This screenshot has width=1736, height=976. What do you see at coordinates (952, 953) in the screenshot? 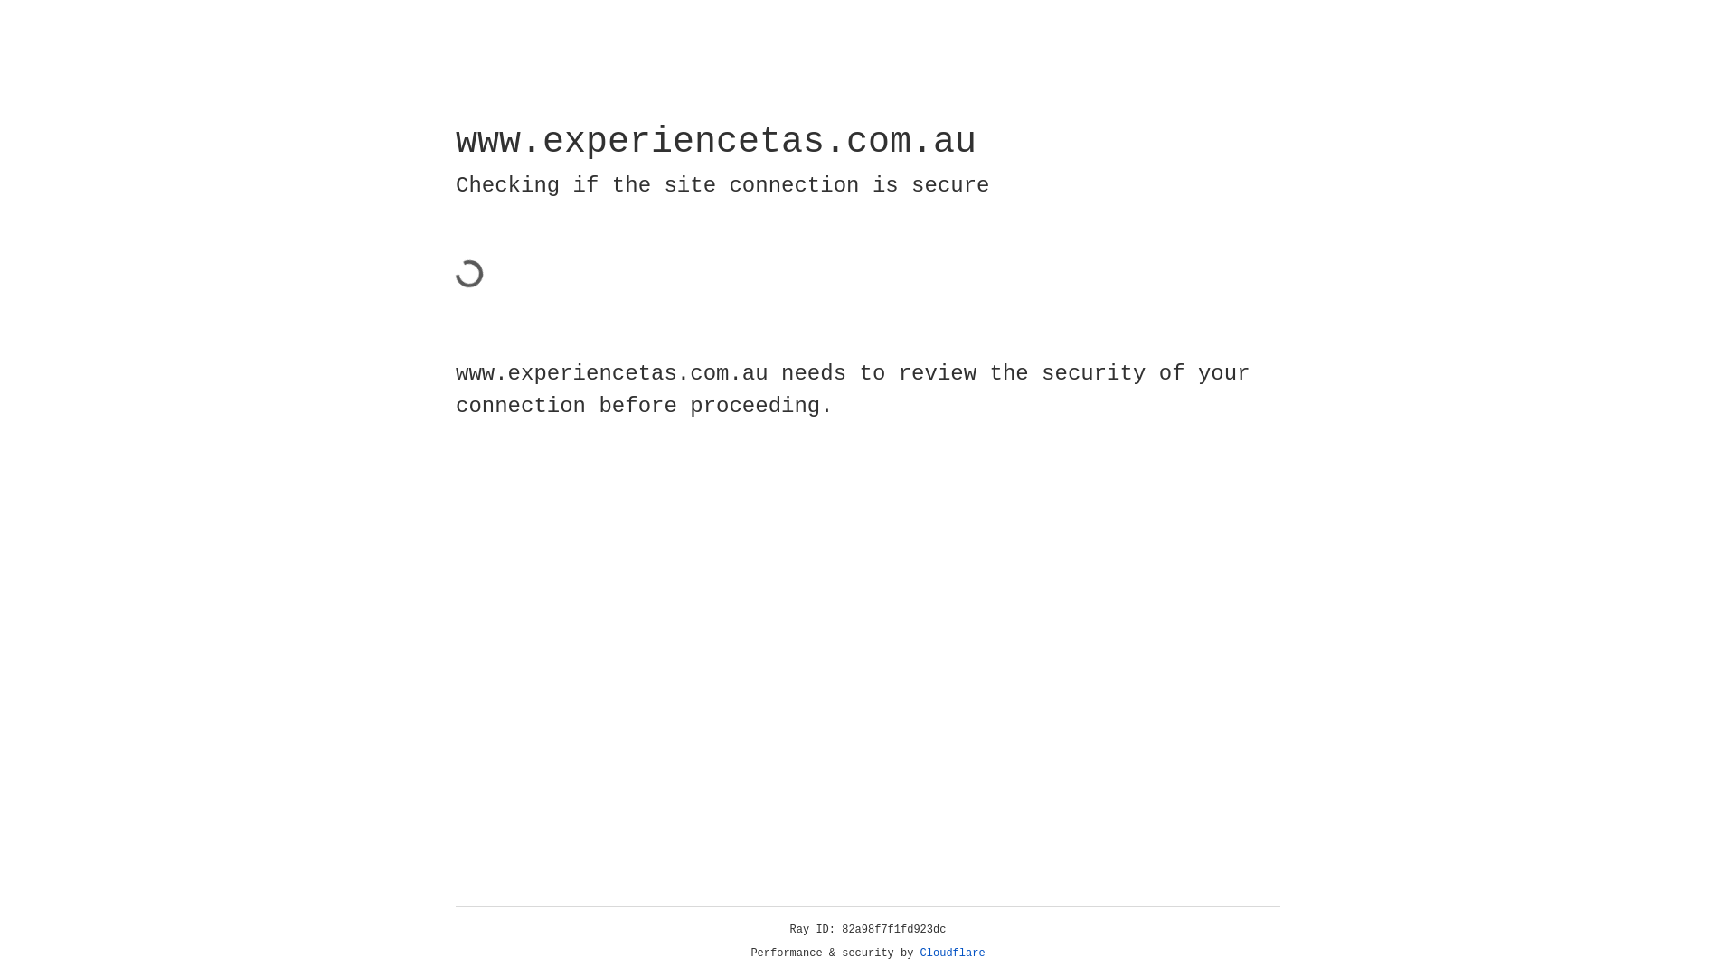
I see `'Cloudflare'` at bounding box center [952, 953].